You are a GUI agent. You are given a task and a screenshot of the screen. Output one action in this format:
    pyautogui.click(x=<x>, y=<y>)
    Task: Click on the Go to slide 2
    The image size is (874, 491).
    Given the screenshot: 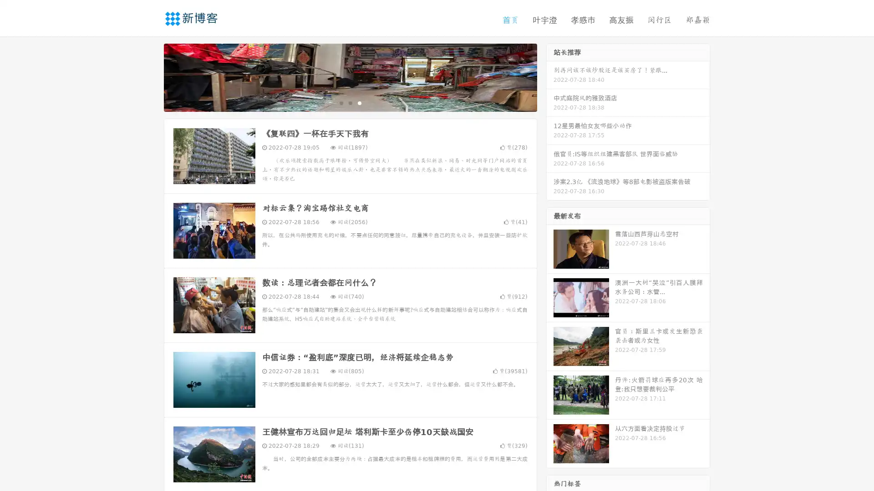 What is the action you would take?
    pyautogui.click(x=350, y=102)
    